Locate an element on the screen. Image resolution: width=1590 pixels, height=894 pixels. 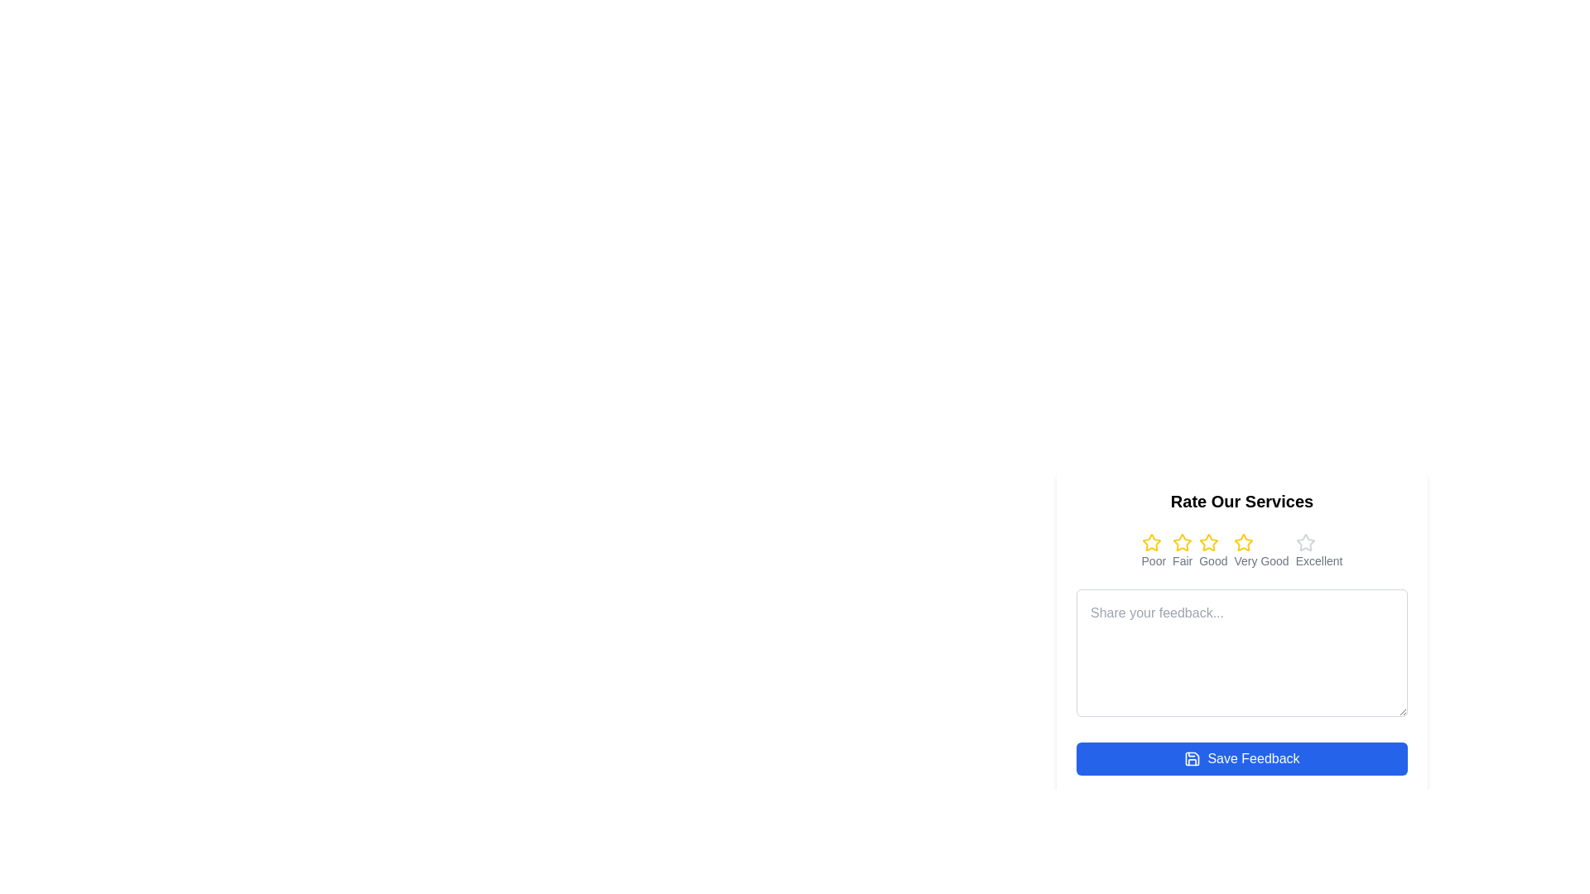
the 'Save Feedback' button located at the bottom of the feedback form is located at coordinates (1253, 759).